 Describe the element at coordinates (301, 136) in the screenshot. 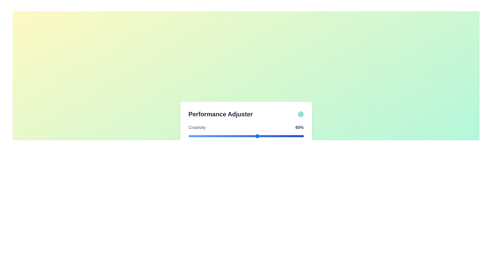

I see `the slider to set the value to 98%` at that location.